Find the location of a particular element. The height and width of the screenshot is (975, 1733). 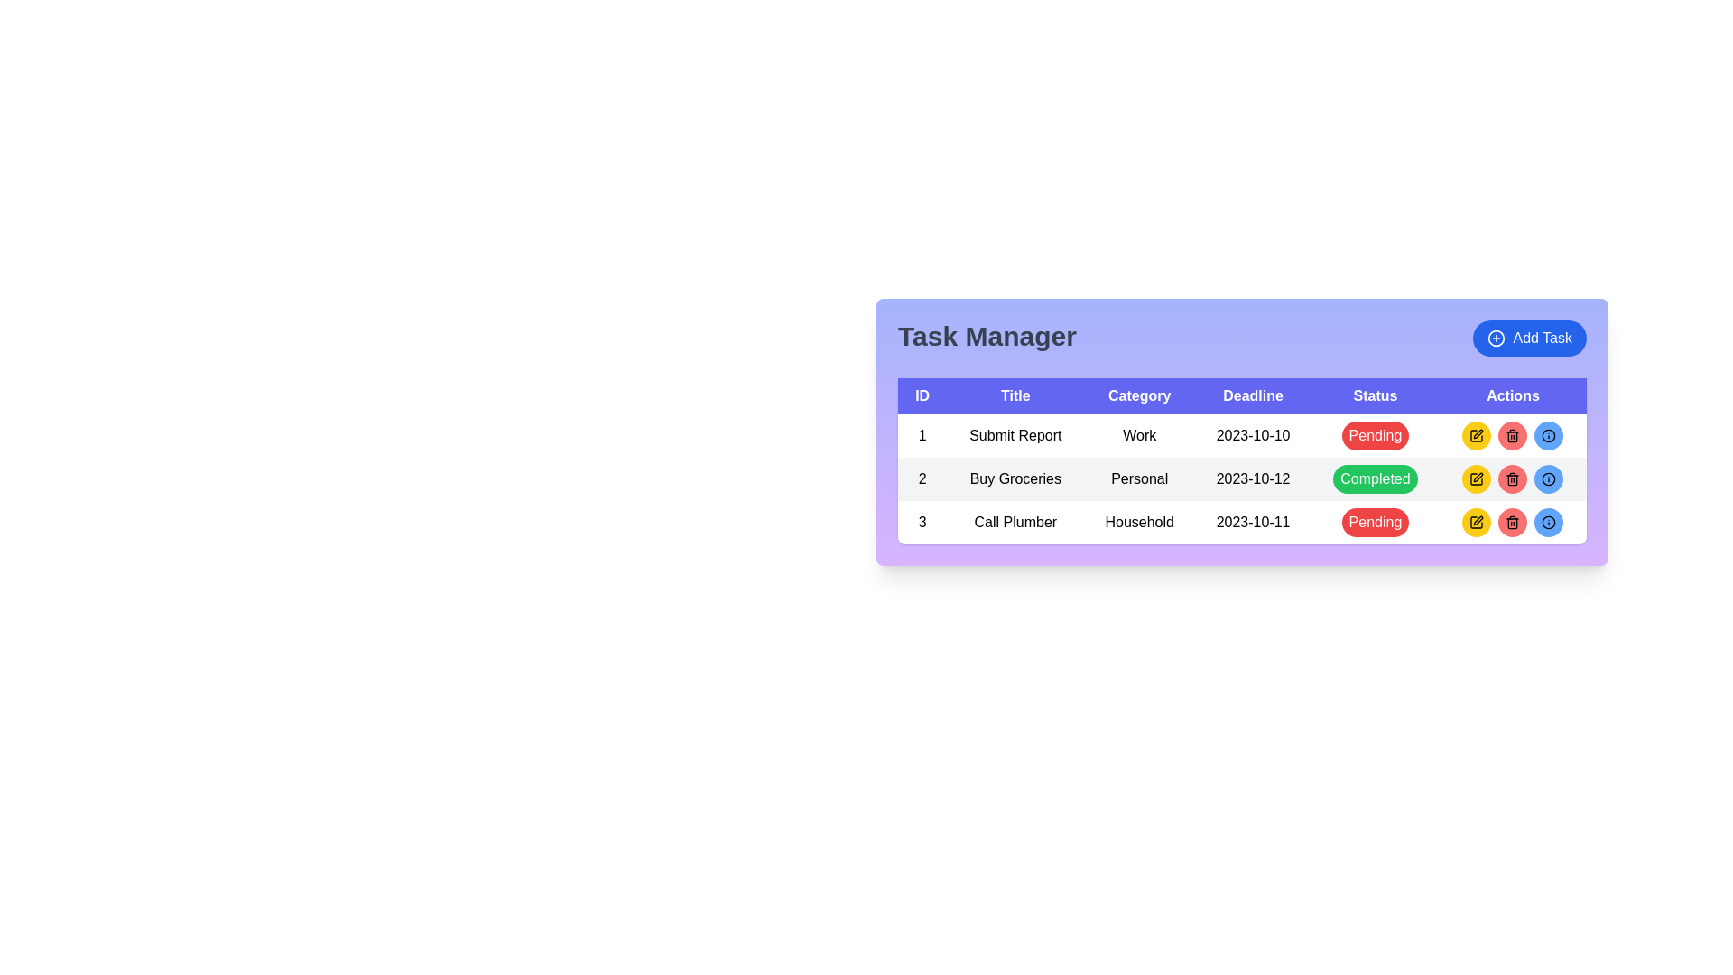

the 'Add Task' button, which has a blue background, white text, rounded edges, and is located in the 'Task Manager' section is located at coordinates (1528, 338).